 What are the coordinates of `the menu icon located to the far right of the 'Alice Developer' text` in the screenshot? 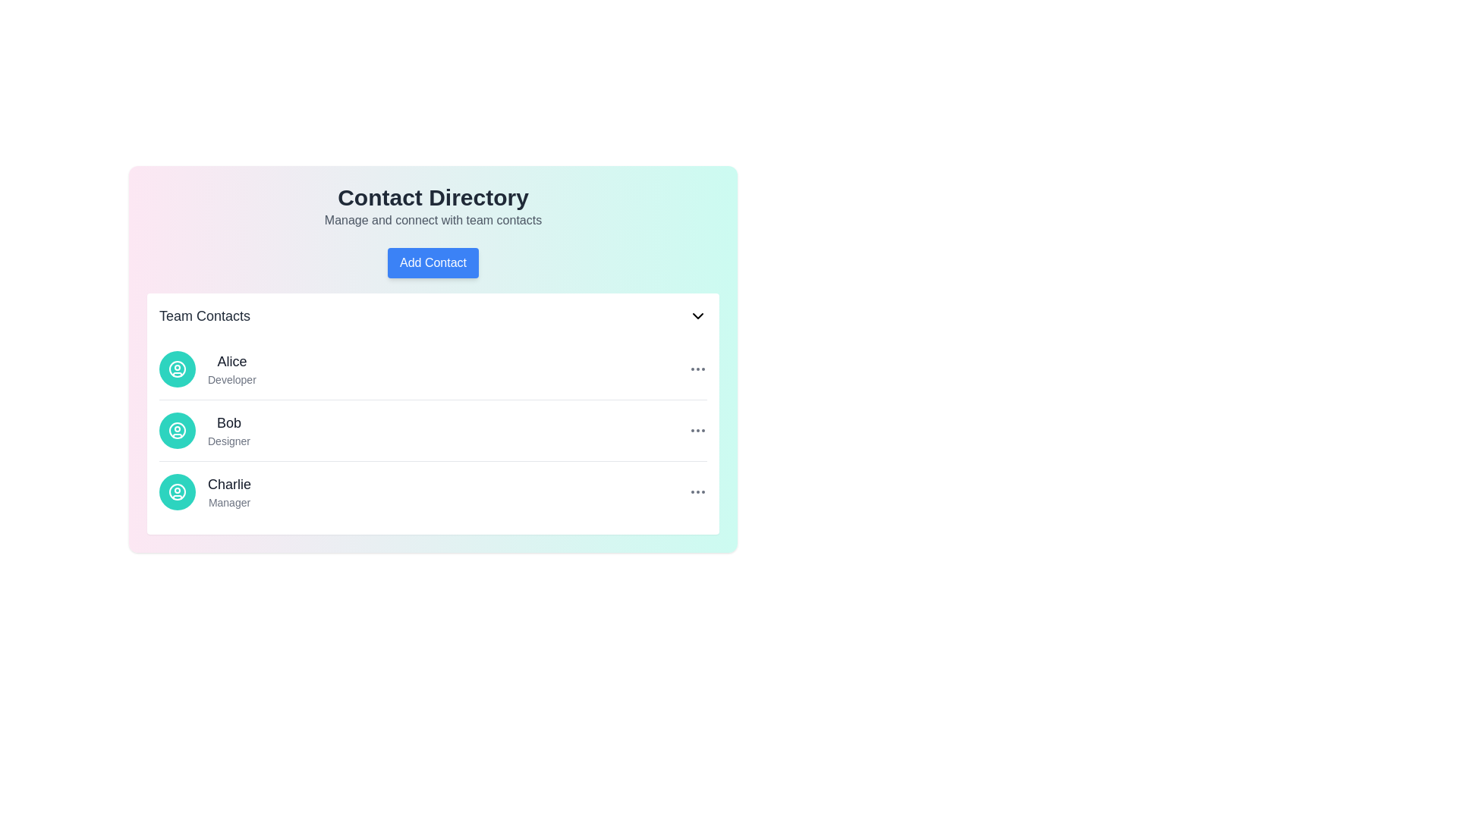 It's located at (697, 369).